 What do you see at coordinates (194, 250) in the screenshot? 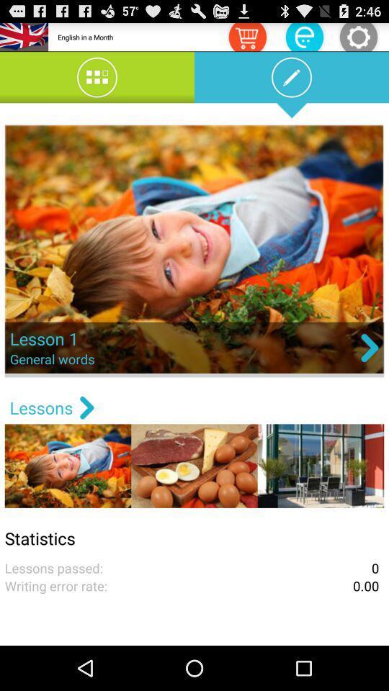
I see `open lesson` at bounding box center [194, 250].